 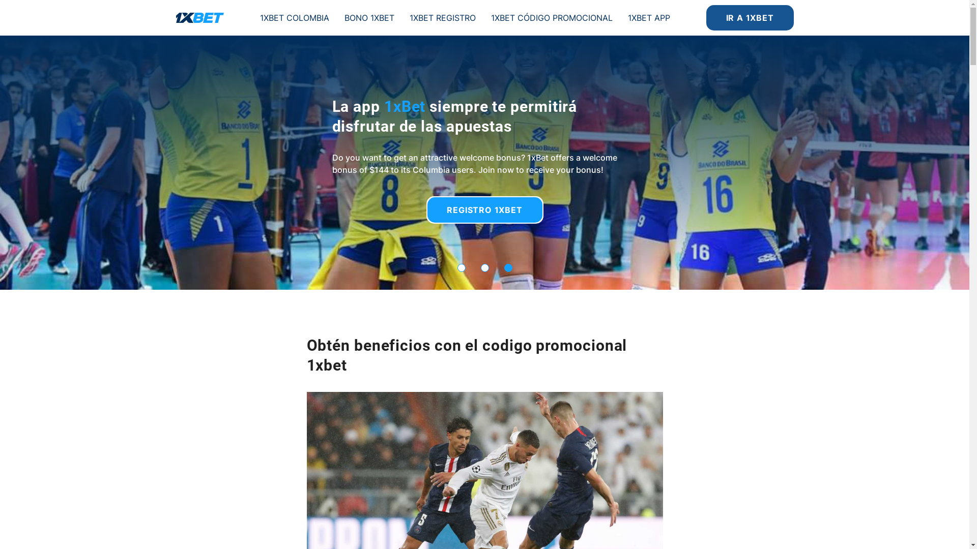 I want to click on '1XBET COLOMBIA', so click(x=259, y=17).